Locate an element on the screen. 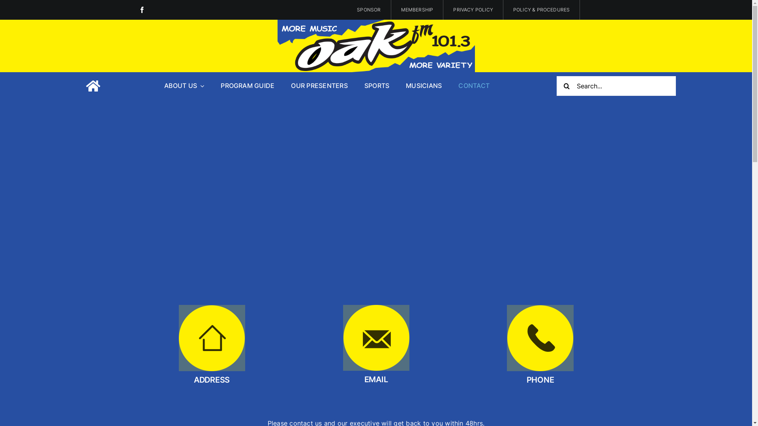  'MUSICIANS' is located at coordinates (423, 86).